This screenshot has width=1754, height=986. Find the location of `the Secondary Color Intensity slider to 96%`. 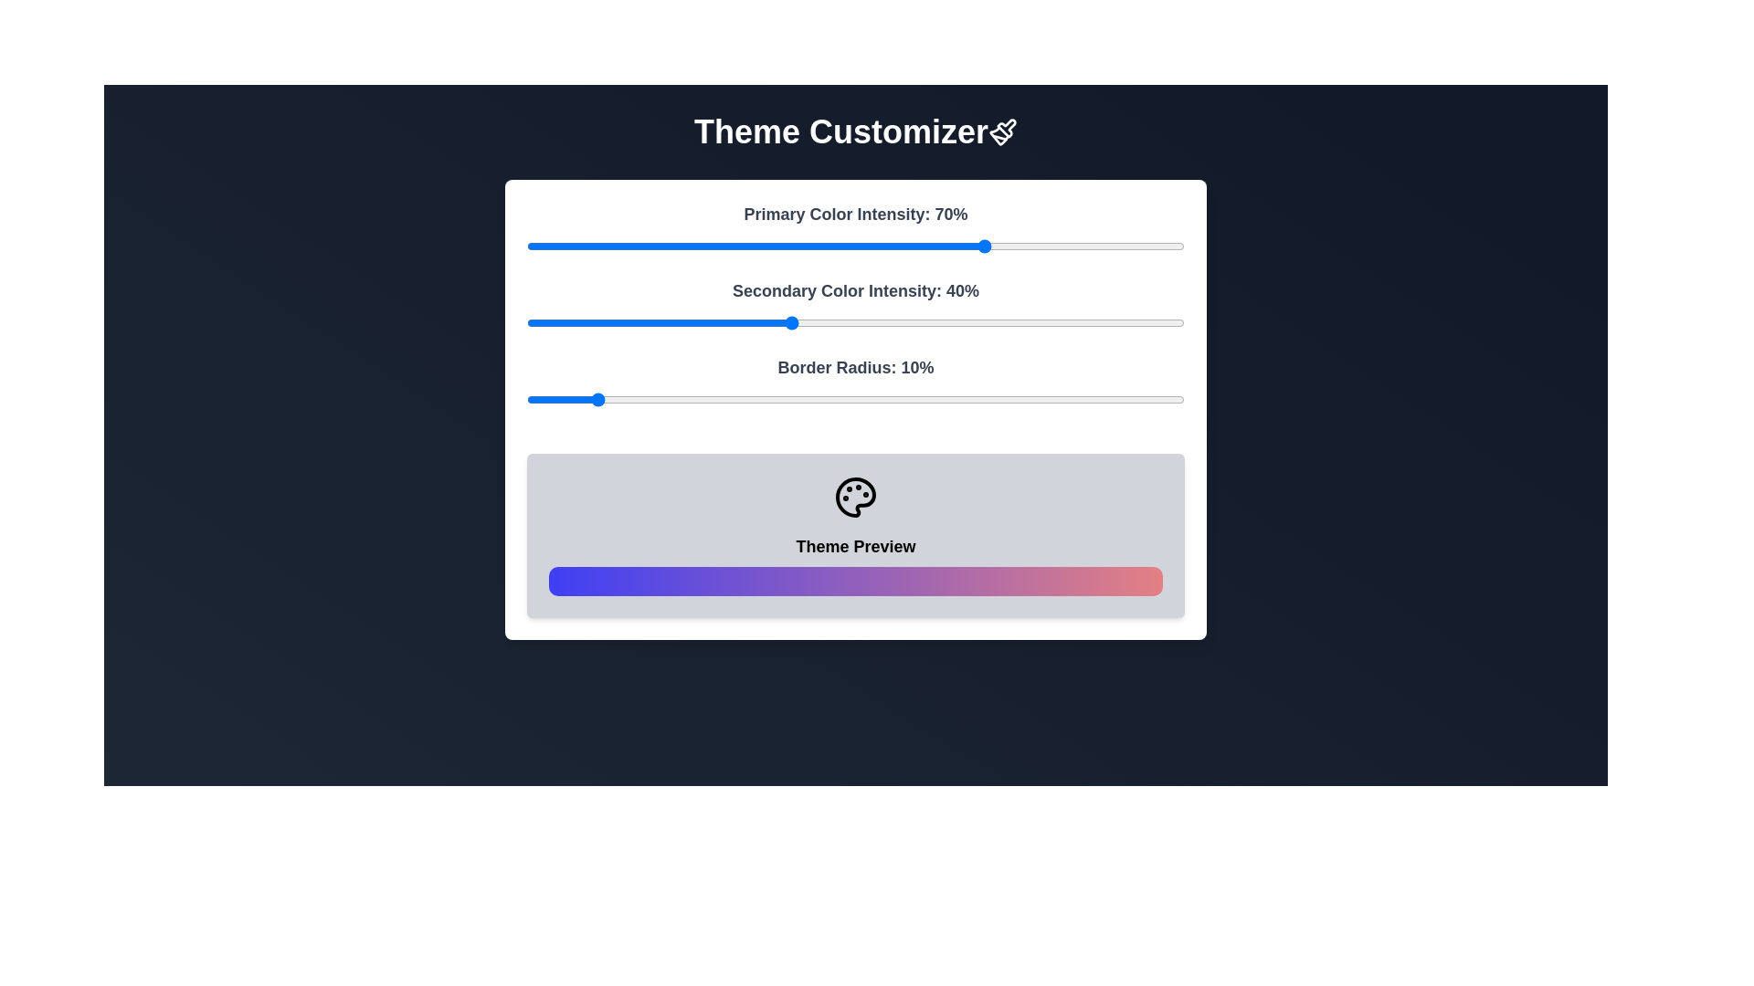

the Secondary Color Intensity slider to 96% is located at coordinates (1157, 322).